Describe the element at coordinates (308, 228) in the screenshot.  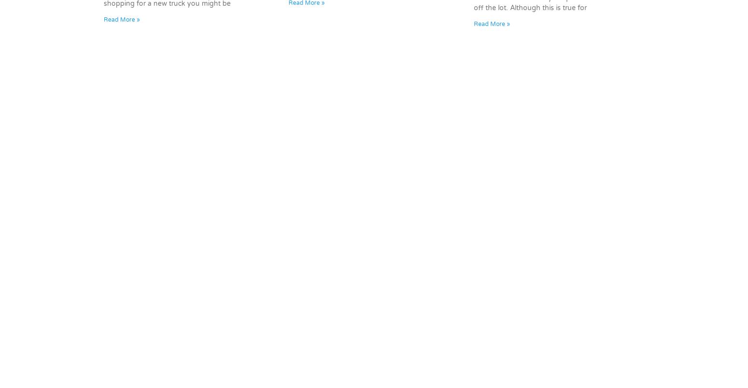
I see `'(877) 419-9994'` at that location.